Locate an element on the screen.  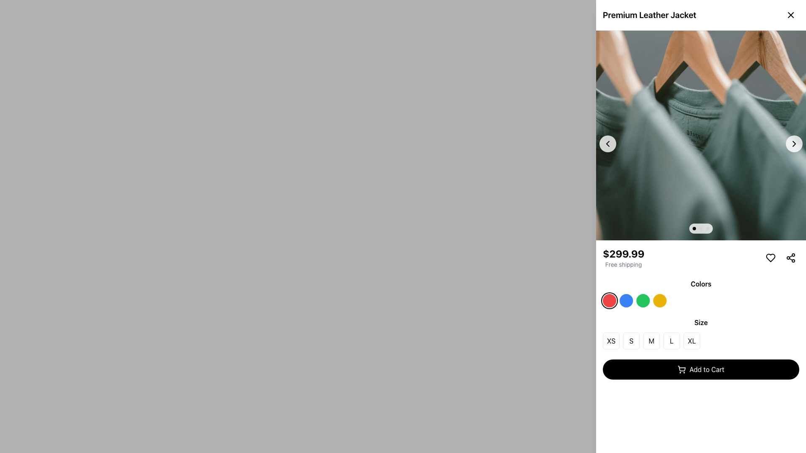
the share icon button located in the top-right corner of the product details section is located at coordinates (790, 257).